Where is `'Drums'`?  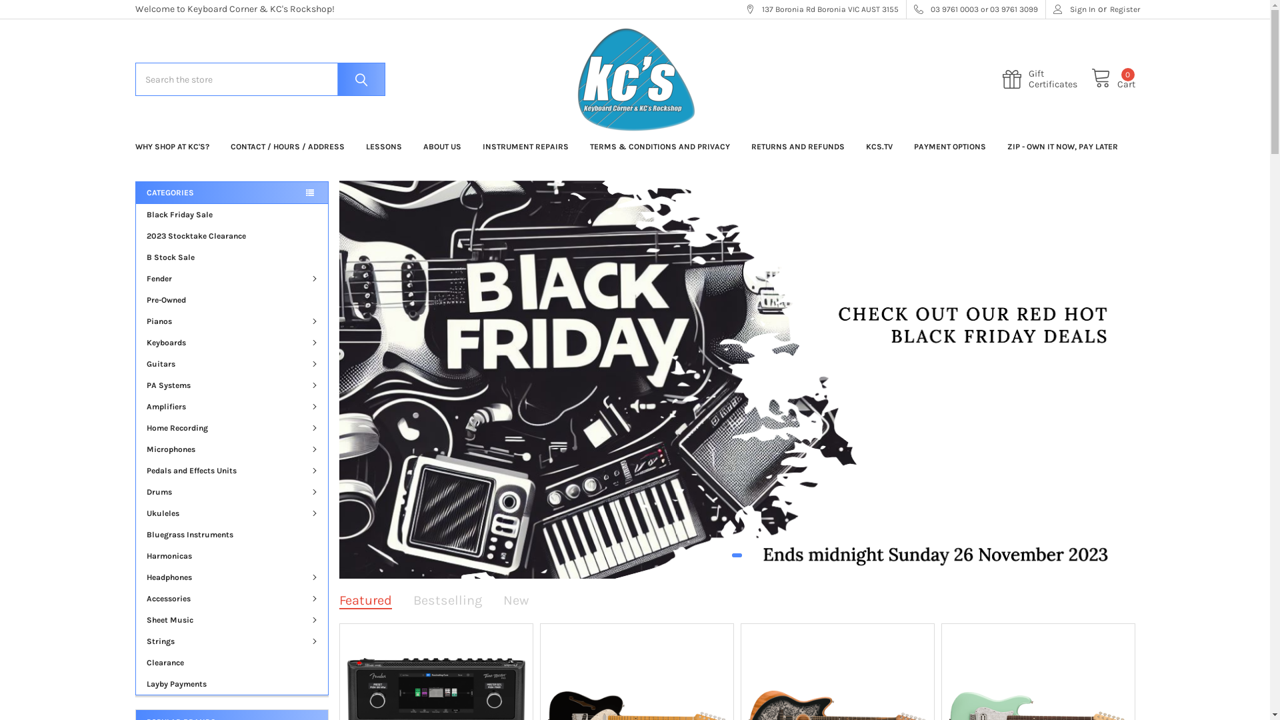 'Drums' is located at coordinates (231, 491).